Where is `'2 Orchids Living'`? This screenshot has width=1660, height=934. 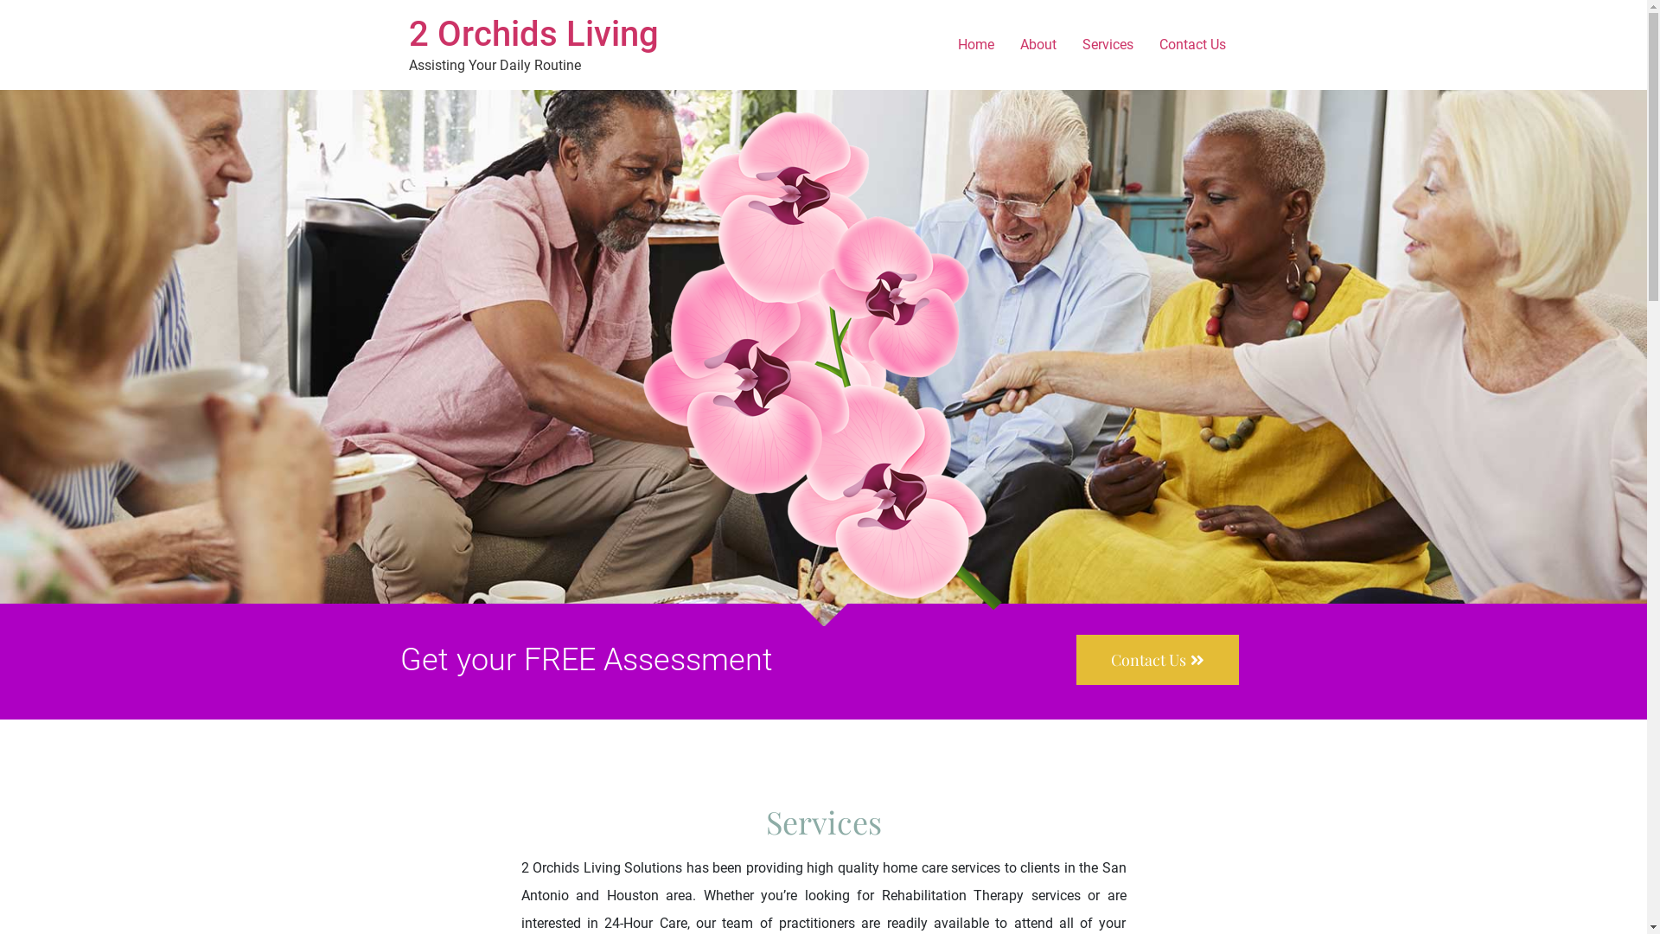
'2 Orchids Living' is located at coordinates (532, 34).